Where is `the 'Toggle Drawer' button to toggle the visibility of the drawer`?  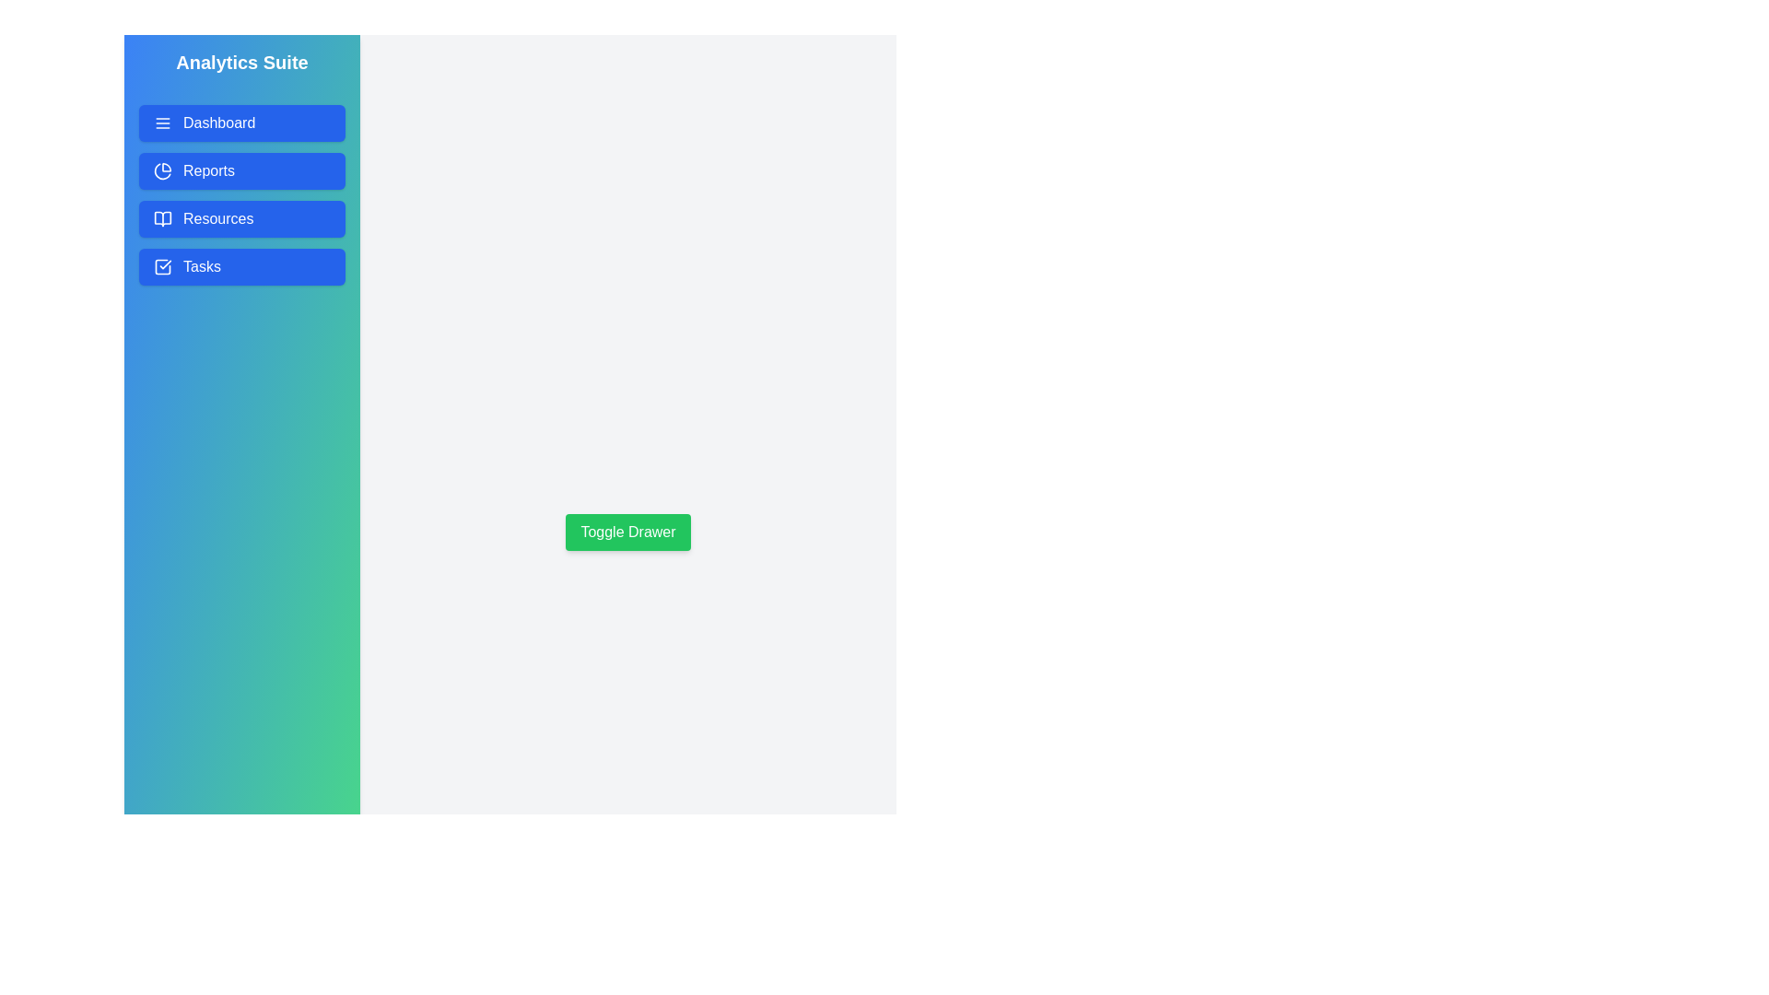
the 'Toggle Drawer' button to toggle the visibility of the drawer is located at coordinates (627, 533).